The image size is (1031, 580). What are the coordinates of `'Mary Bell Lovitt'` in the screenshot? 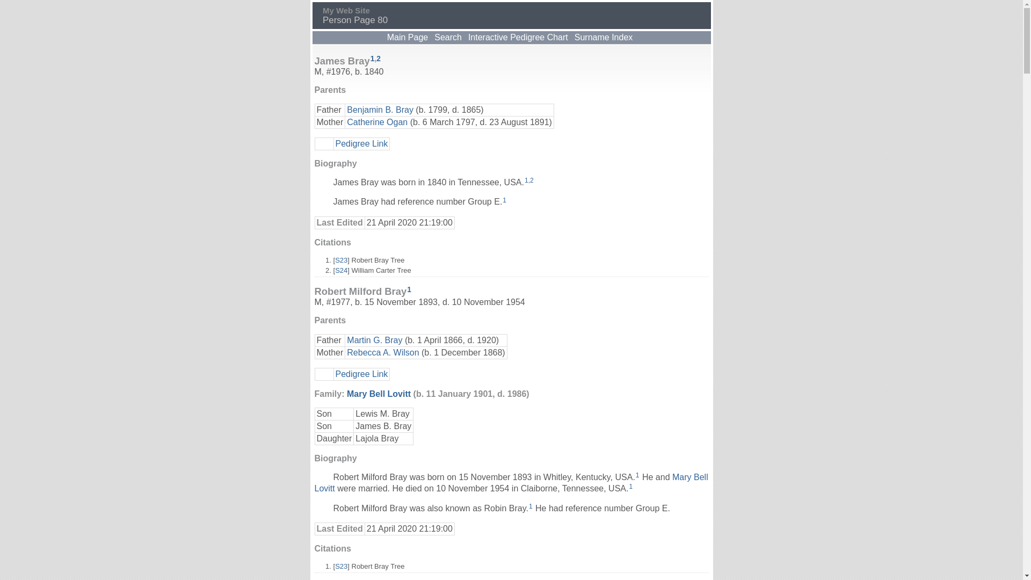 It's located at (347, 394).